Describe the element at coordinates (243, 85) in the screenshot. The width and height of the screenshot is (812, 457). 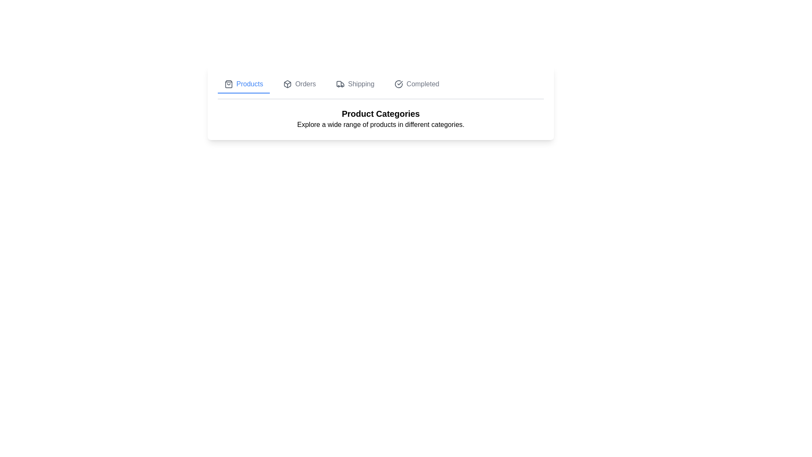
I see `the 'Products' navigation tab` at that location.